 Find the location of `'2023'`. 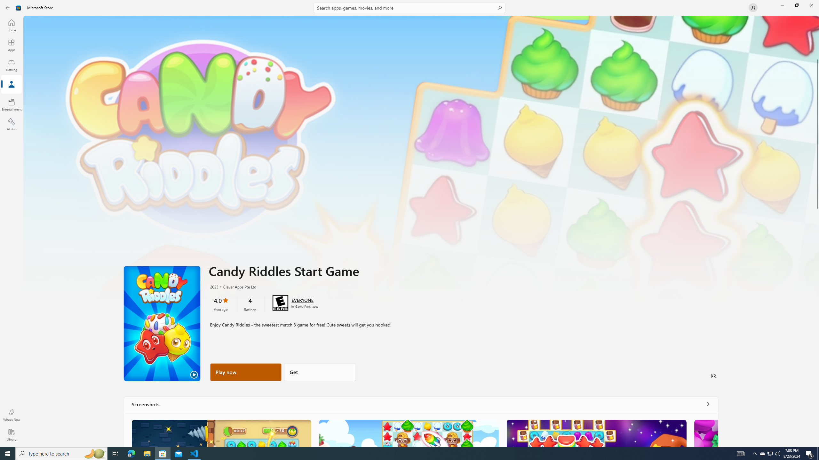

'2023' is located at coordinates (214, 286).